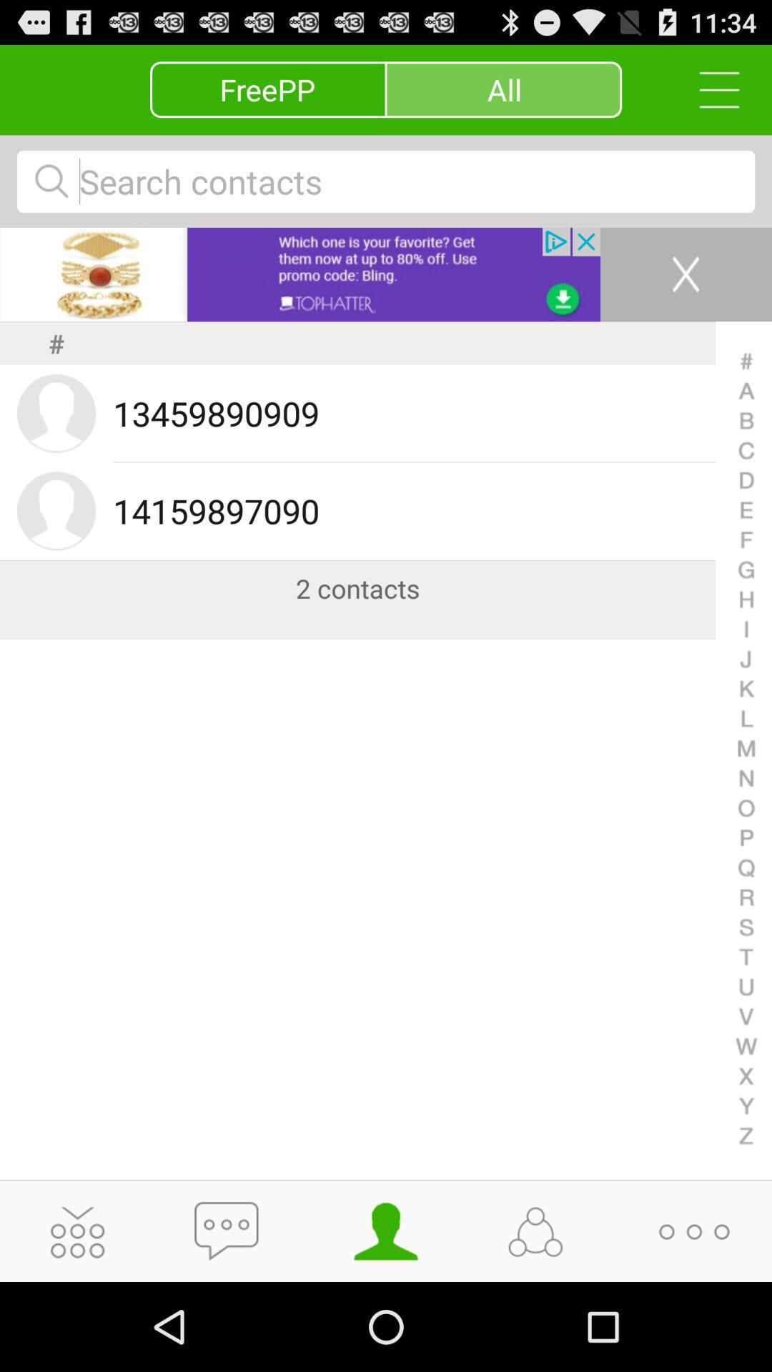 Image resolution: width=772 pixels, height=1372 pixels. Describe the element at coordinates (694, 1316) in the screenshot. I see `the more icon` at that location.